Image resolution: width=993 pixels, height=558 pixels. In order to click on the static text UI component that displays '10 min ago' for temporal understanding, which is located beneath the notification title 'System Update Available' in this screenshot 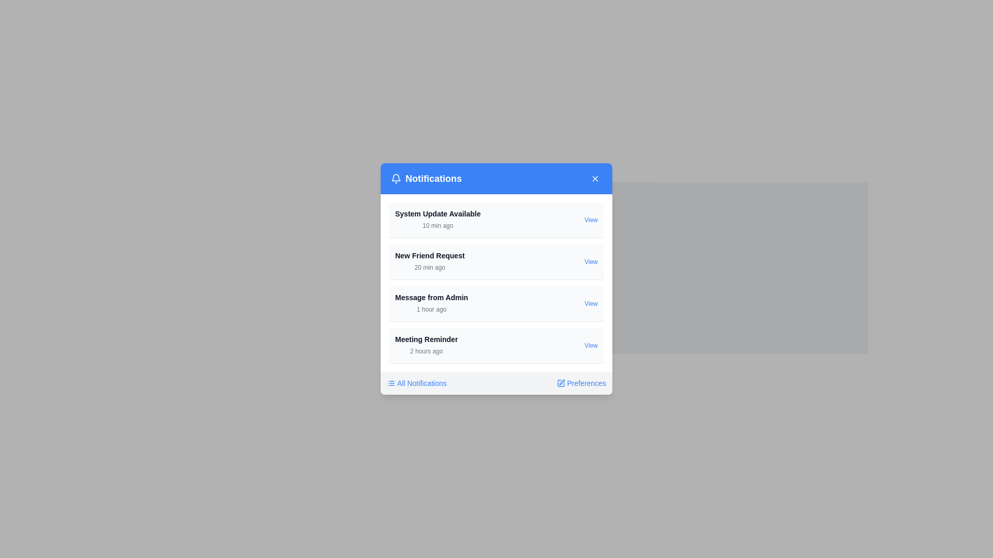, I will do `click(438, 225)`.